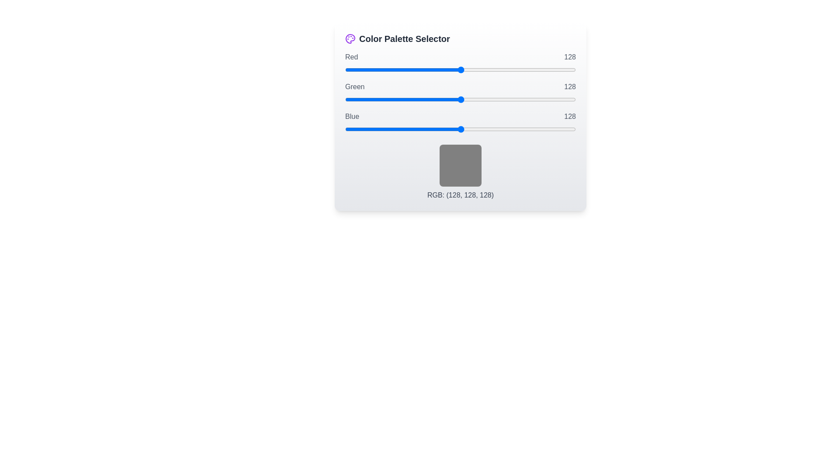 This screenshot has height=472, width=839. What do you see at coordinates (368, 129) in the screenshot?
I see `the blue slider to set its value to 26` at bounding box center [368, 129].